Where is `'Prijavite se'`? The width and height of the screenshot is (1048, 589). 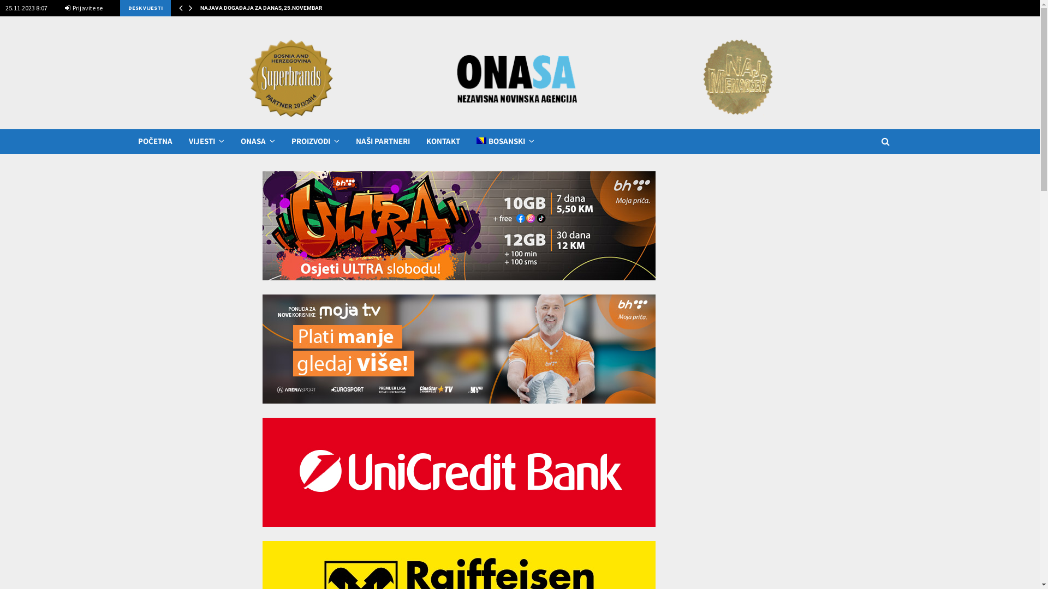
'Prijavite se' is located at coordinates (83, 8).